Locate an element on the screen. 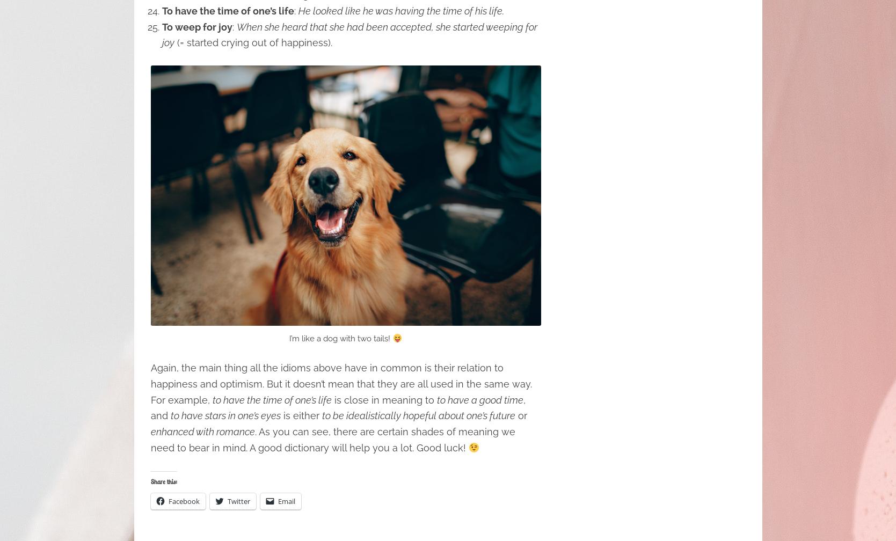 This screenshot has height=541, width=896. 'is close in meaning to' is located at coordinates (383, 399).